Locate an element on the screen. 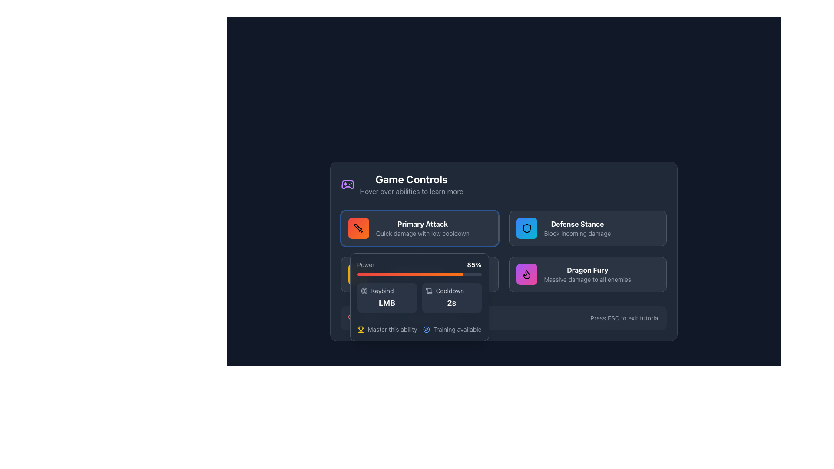 Image resolution: width=834 pixels, height=469 pixels. information contained in the 'Dragon Fury' informational card located in the bottom-right quadrant of the grid layout is located at coordinates (588, 274).